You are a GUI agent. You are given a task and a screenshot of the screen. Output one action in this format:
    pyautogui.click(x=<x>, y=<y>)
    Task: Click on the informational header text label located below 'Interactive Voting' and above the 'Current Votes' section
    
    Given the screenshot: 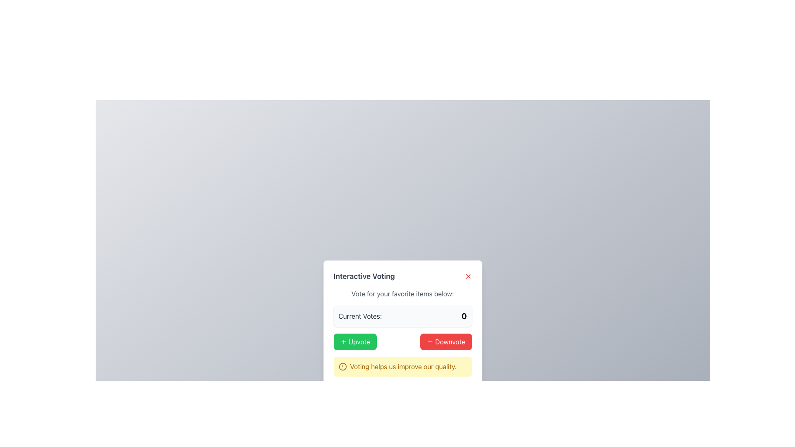 What is the action you would take?
    pyautogui.click(x=402, y=293)
    